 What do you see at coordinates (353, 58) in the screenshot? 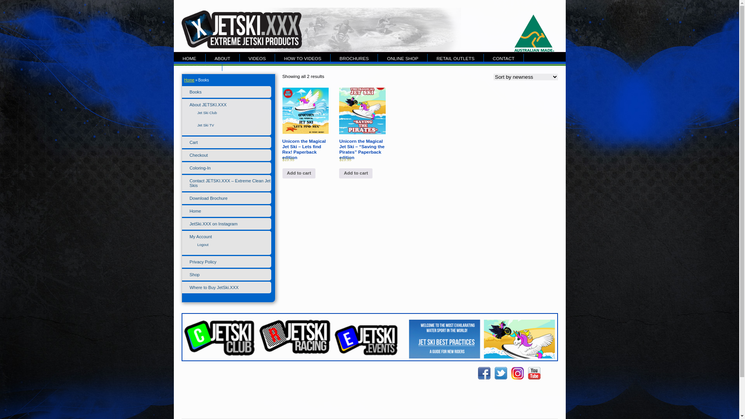
I see `'BROCHURES'` at bounding box center [353, 58].